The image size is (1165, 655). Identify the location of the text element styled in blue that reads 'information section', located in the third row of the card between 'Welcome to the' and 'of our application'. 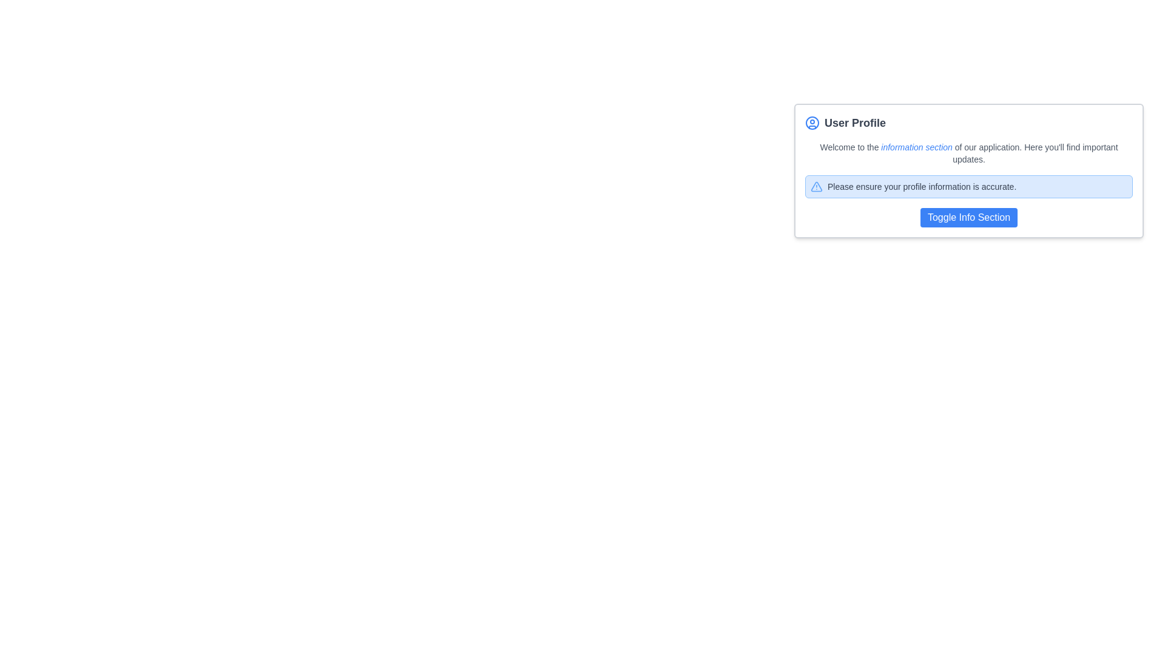
(917, 147).